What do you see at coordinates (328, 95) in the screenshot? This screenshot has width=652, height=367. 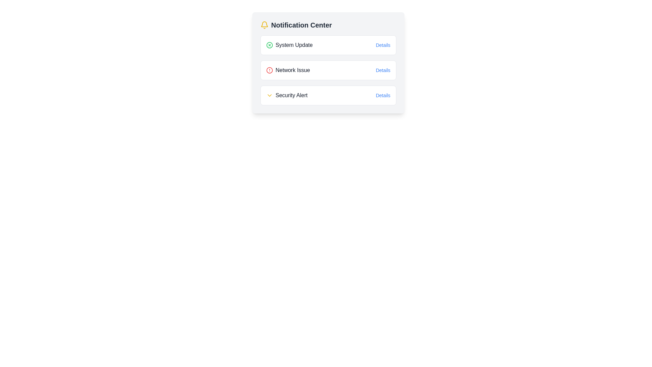 I see `the third notification list item titled 'Security Alert'` at bounding box center [328, 95].